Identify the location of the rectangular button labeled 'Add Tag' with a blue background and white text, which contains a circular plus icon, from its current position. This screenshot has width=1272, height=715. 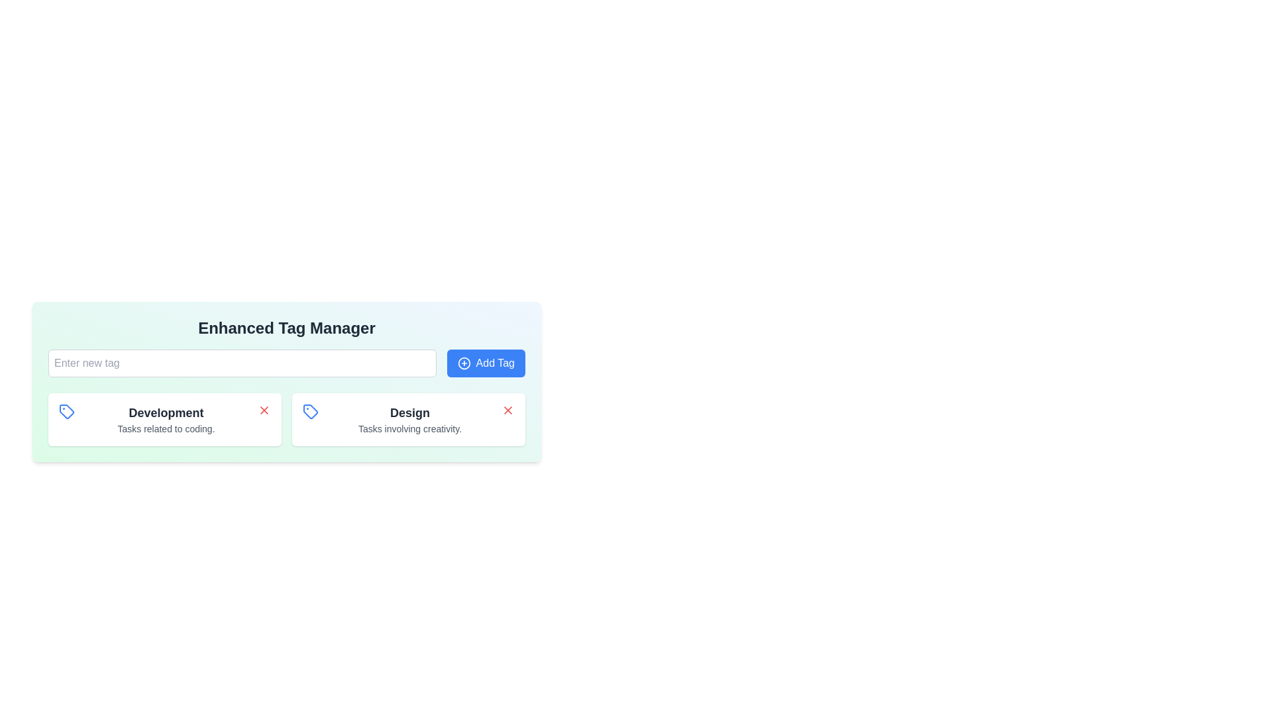
(485, 363).